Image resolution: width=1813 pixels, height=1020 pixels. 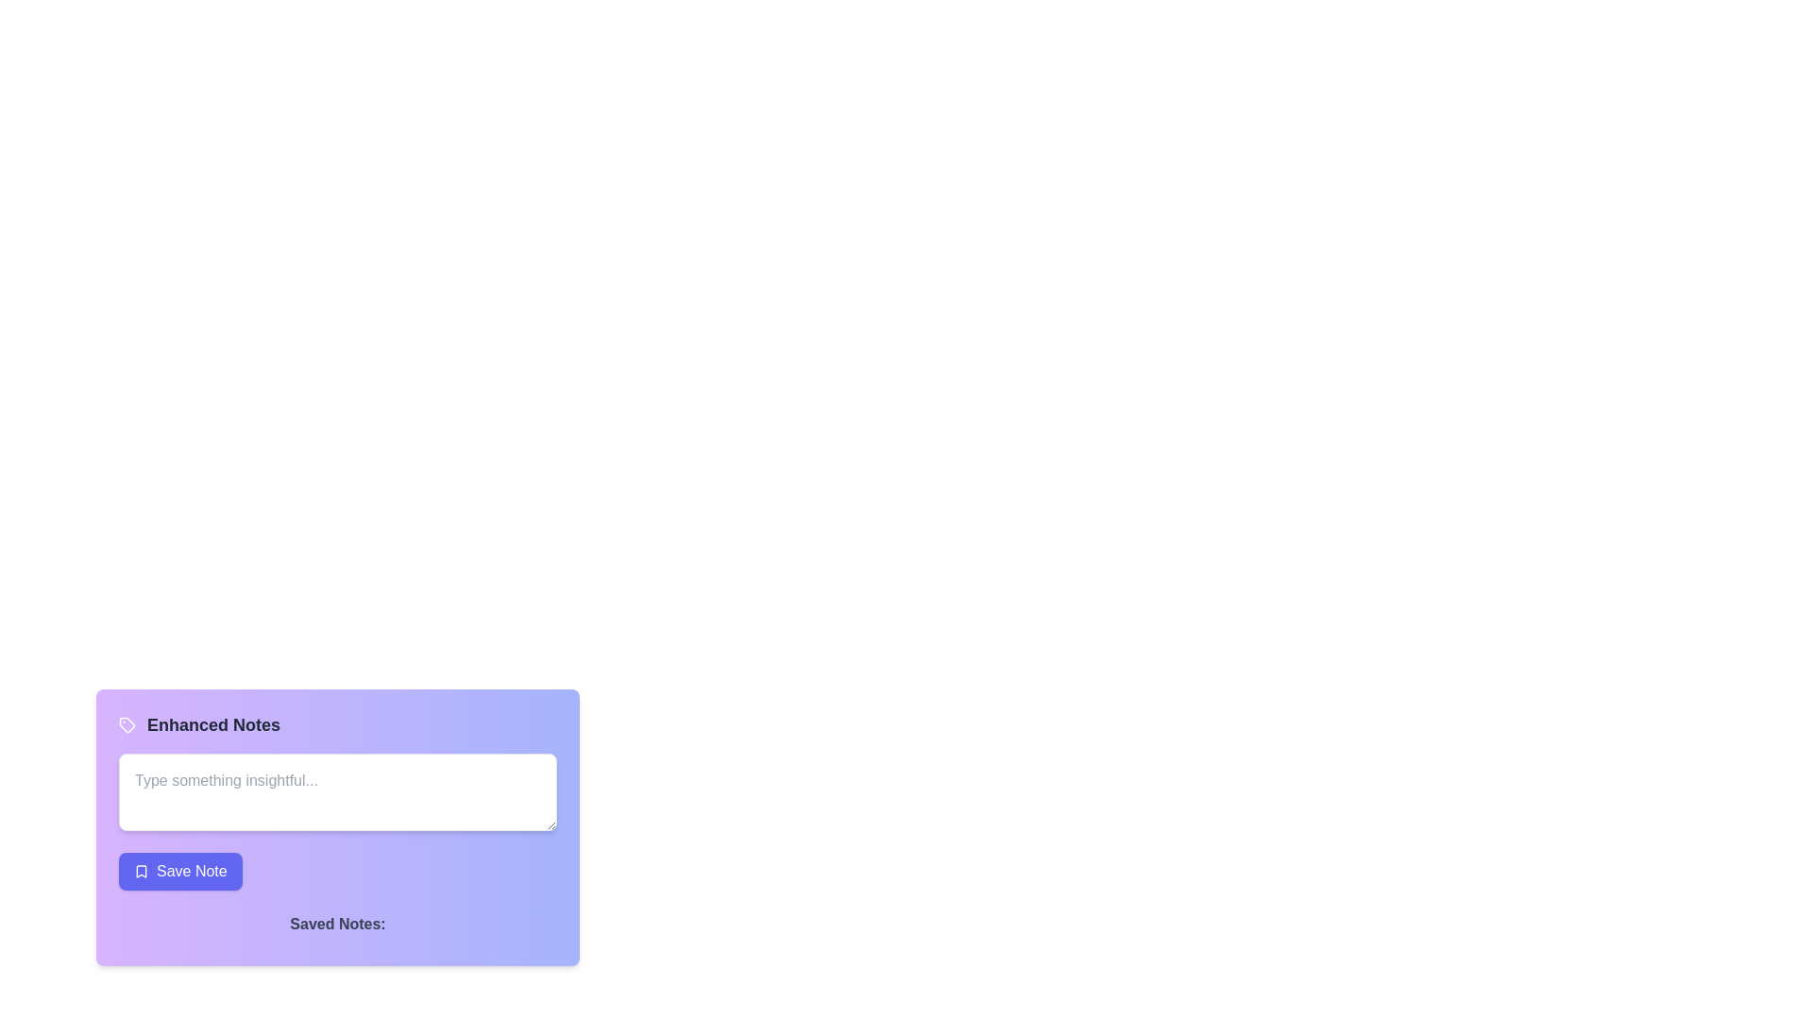 What do you see at coordinates (180, 871) in the screenshot?
I see `the indigo 'Save Note' button with a bookmark icon to change its color` at bounding box center [180, 871].